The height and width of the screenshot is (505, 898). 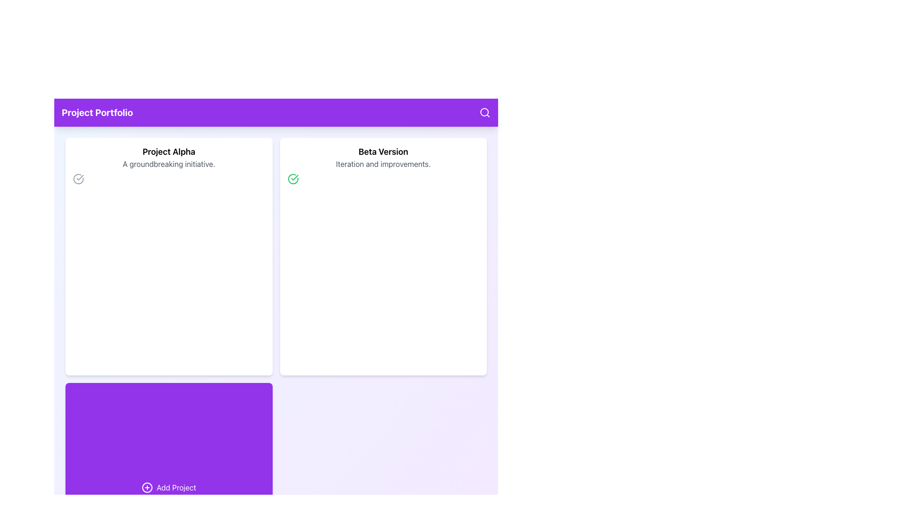 What do you see at coordinates (485, 111) in the screenshot?
I see `the circular SVG shape that represents a magnifying glass icon located at the top-right corner of the header section, if it is clickable` at bounding box center [485, 111].